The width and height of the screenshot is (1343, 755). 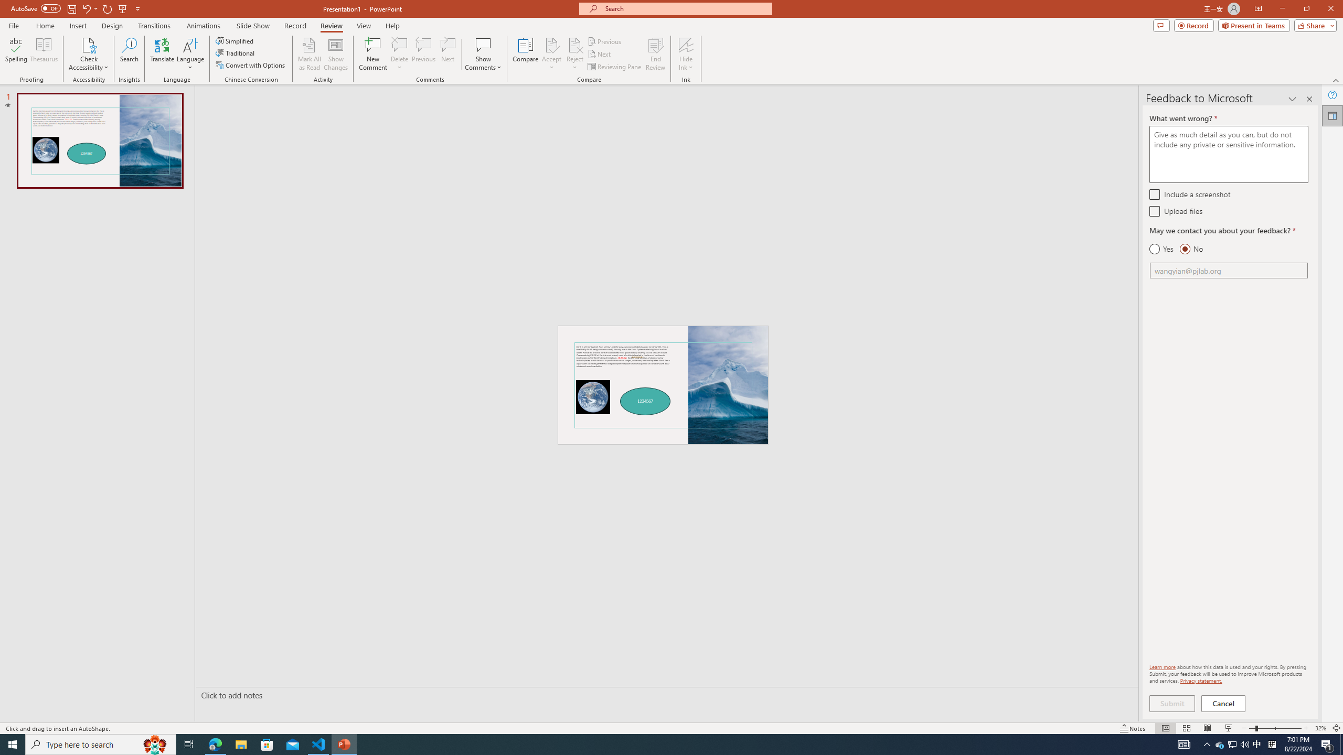 I want to click on 'Check Accessibility', so click(x=88, y=44).